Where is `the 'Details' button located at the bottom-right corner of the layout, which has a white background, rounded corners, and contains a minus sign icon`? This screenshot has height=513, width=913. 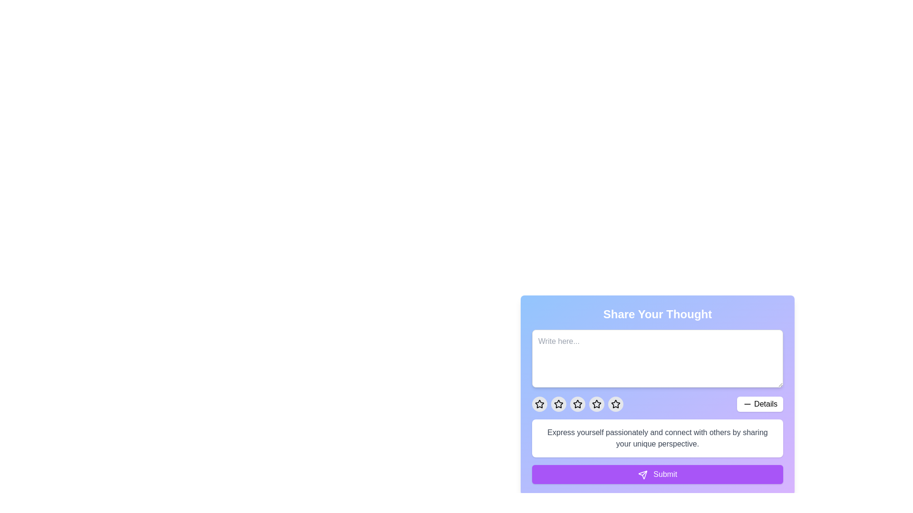
the 'Details' button located at the bottom-right corner of the layout, which has a white background, rounded corners, and contains a minus sign icon is located at coordinates (759, 404).